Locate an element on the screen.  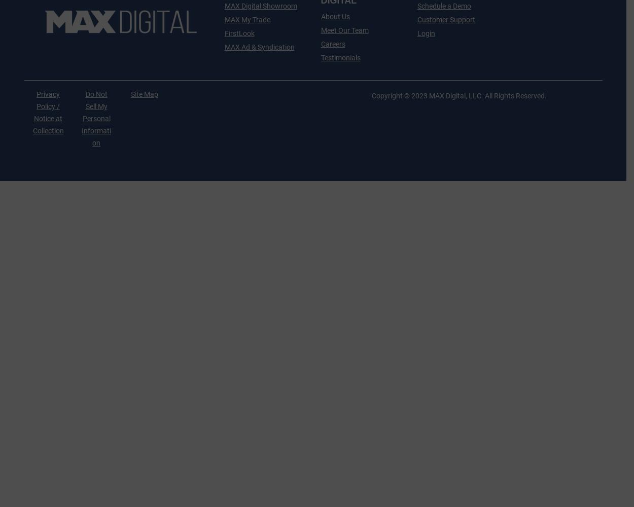
'MAX Ad & Syndication' is located at coordinates (259, 46).